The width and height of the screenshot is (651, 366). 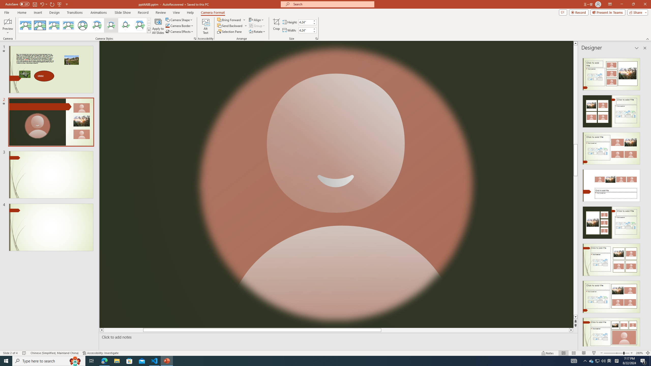 I want to click on 'Notes ', so click(x=548, y=353).